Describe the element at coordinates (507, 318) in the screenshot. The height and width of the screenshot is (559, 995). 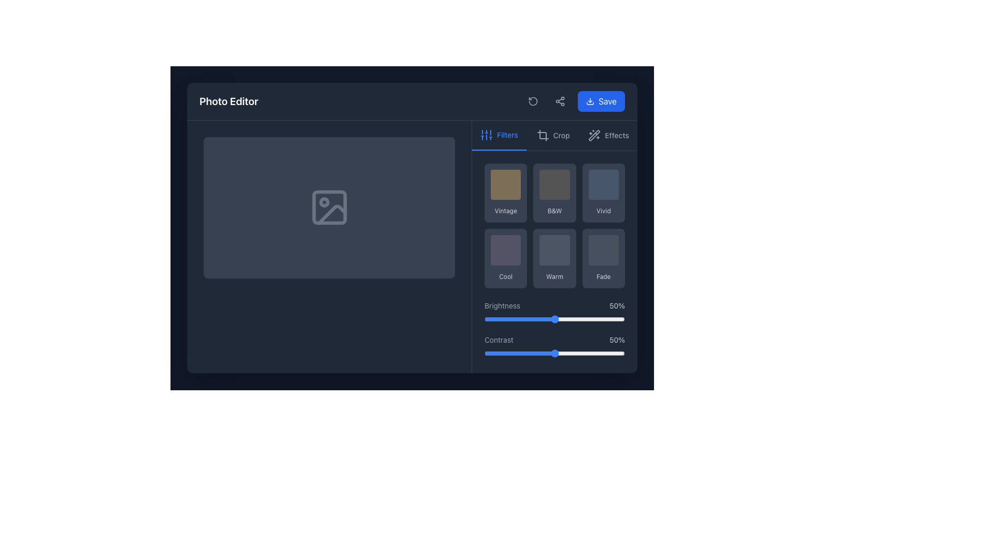
I see `the slider` at that location.